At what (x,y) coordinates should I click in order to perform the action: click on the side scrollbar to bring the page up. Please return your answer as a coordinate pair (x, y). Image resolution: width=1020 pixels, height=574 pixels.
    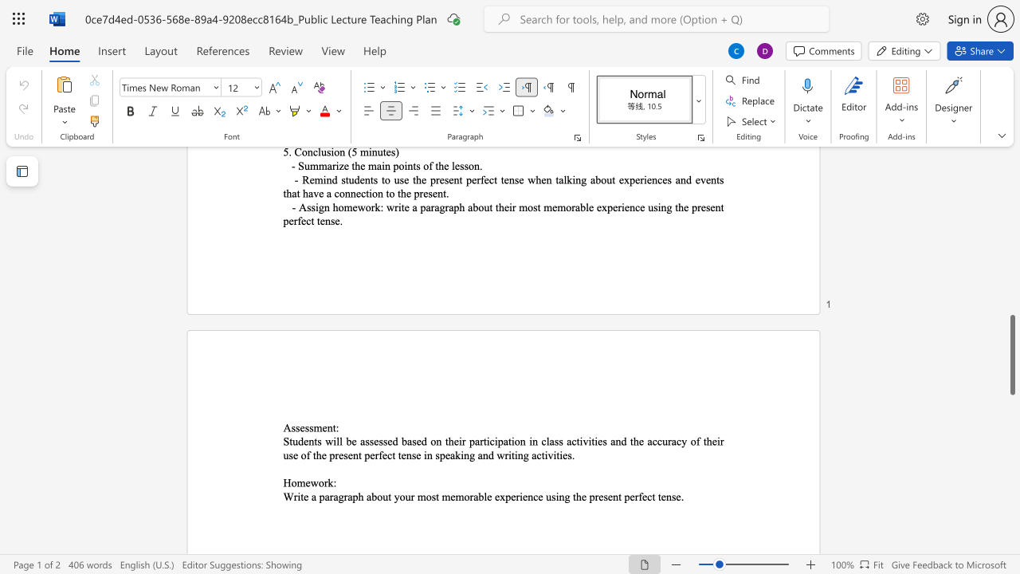
    Looking at the image, I should click on (1011, 215).